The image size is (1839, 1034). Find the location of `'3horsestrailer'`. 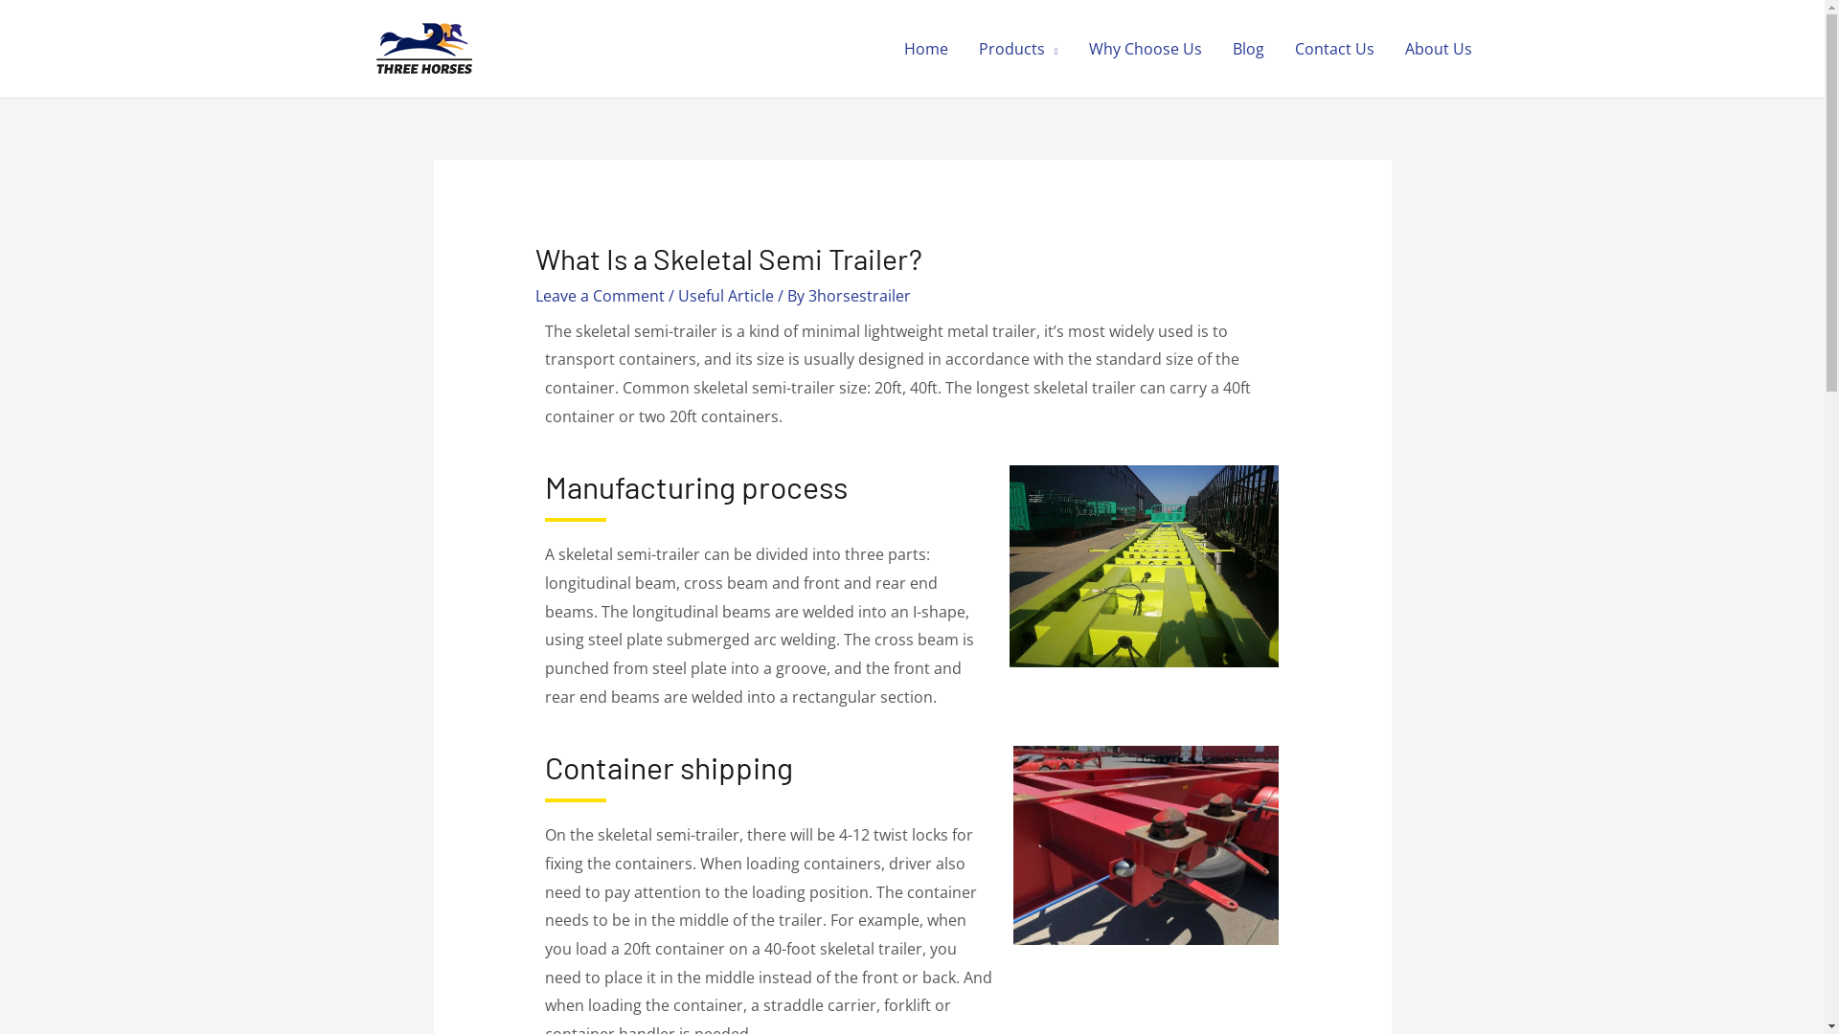

'3horsestrailer' is located at coordinates (808, 295).